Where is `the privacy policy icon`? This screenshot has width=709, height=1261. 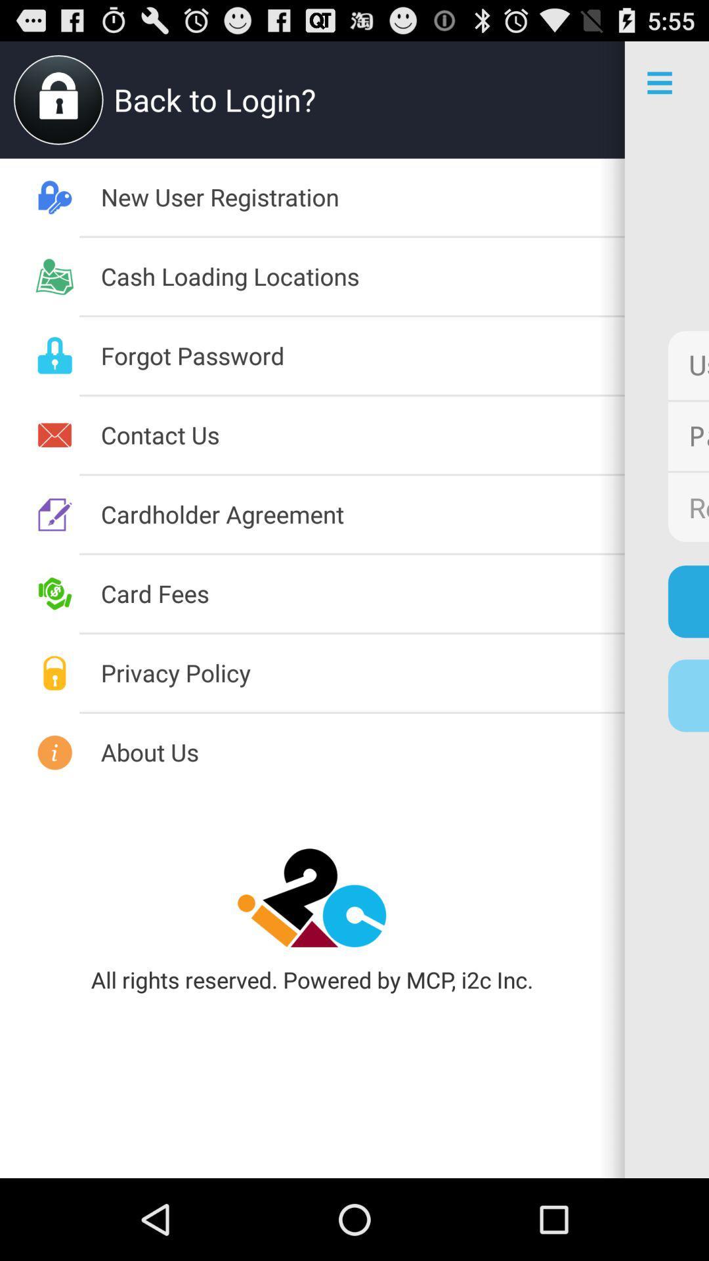
the privacy policy icon is located at coordinates (362, 673).